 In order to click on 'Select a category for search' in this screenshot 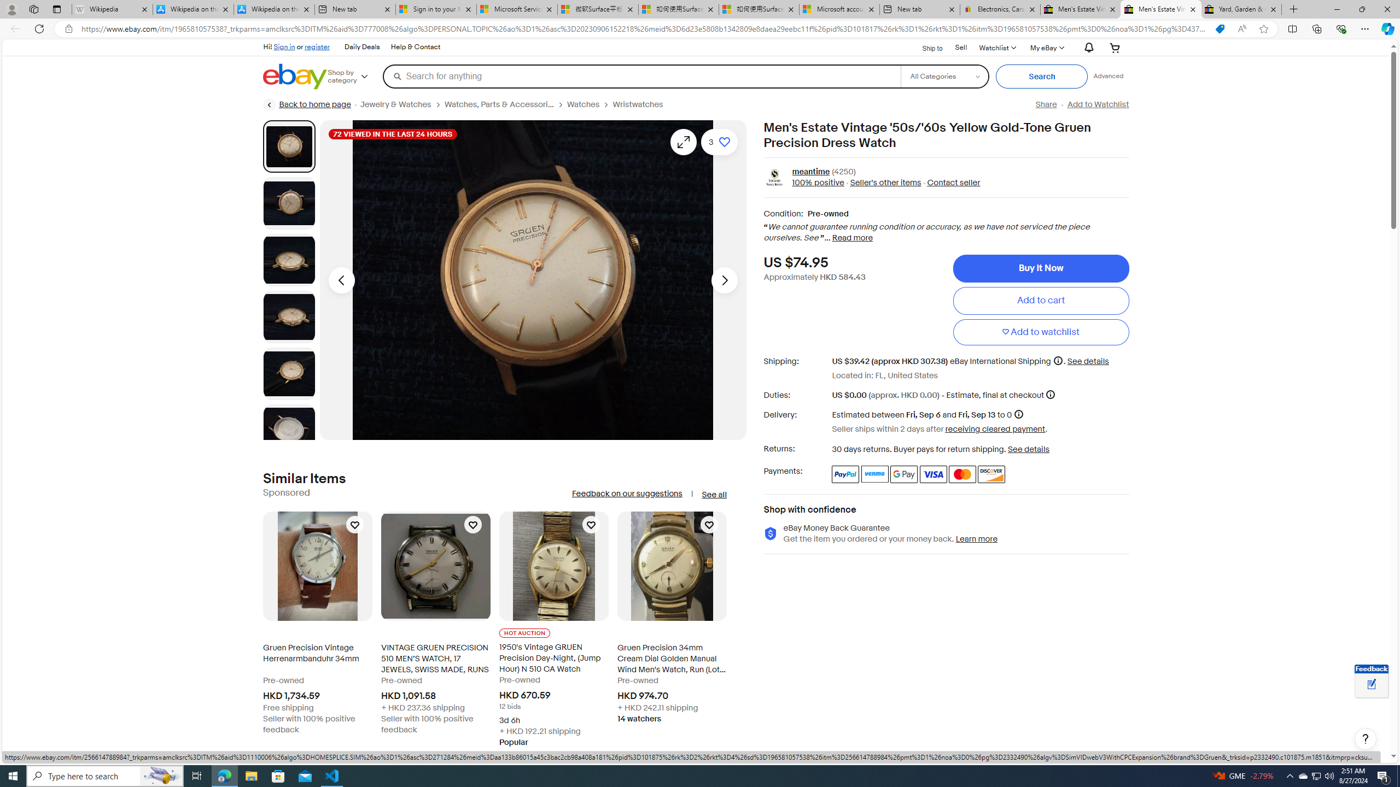, I will do `click(943, 75)`.